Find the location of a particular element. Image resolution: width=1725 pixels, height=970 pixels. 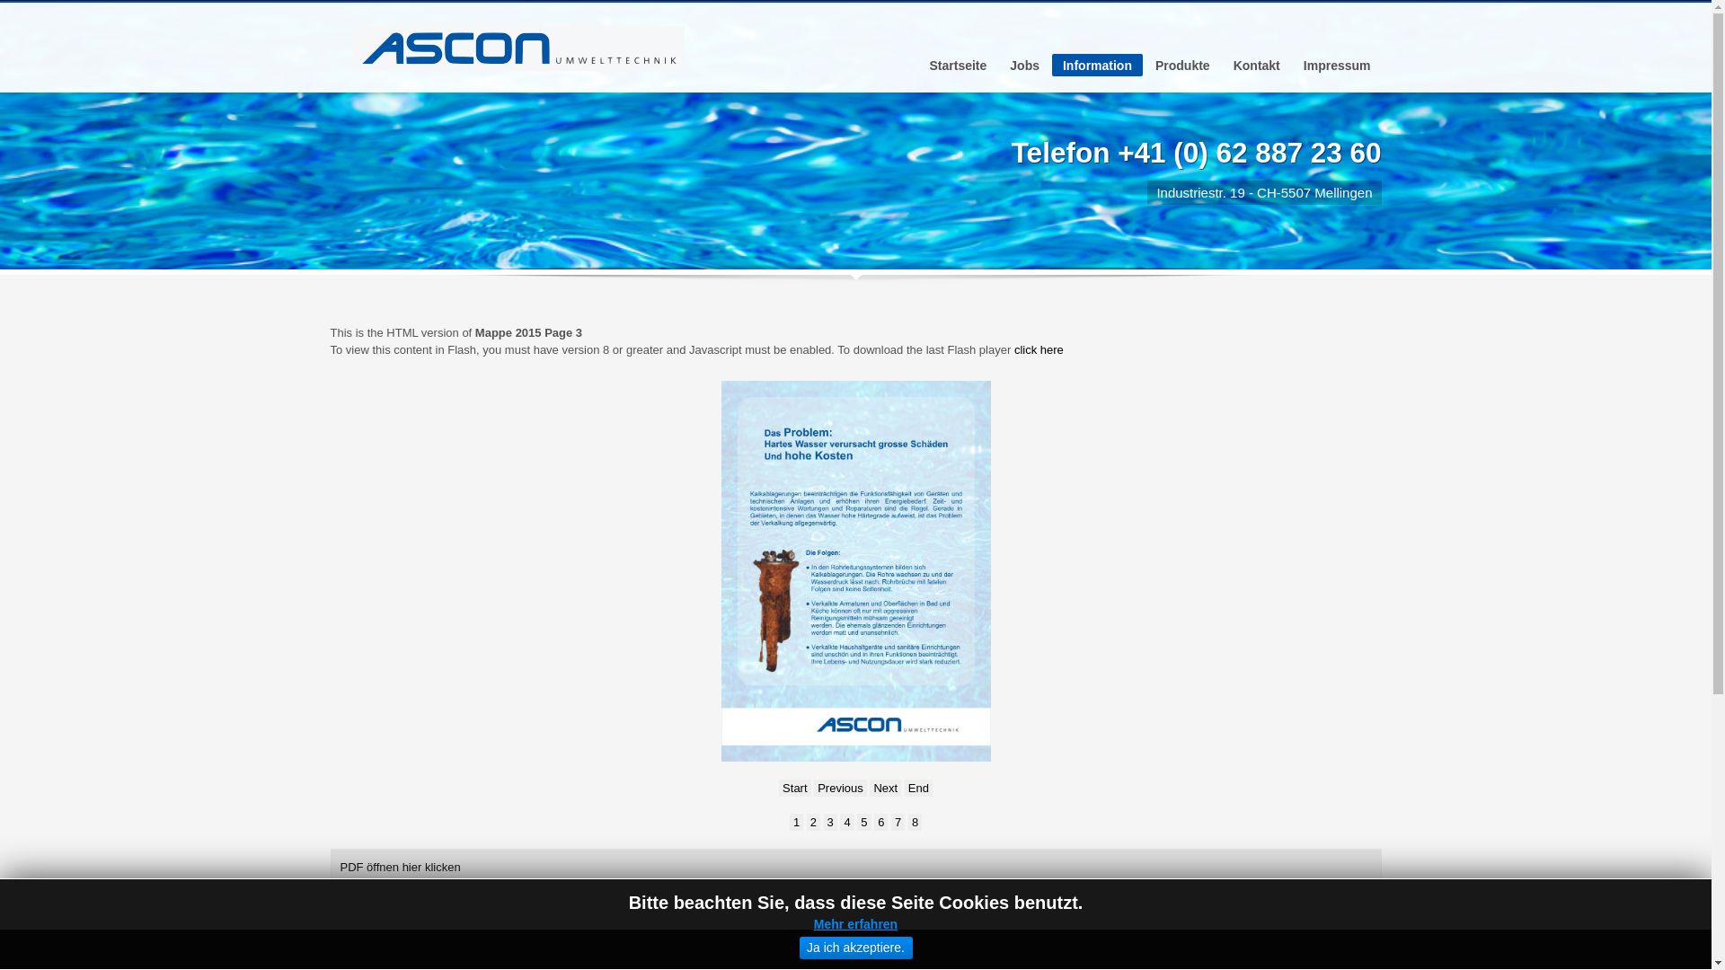

'Ascon Umwelttechnik' is located at coordinates (517, 48).